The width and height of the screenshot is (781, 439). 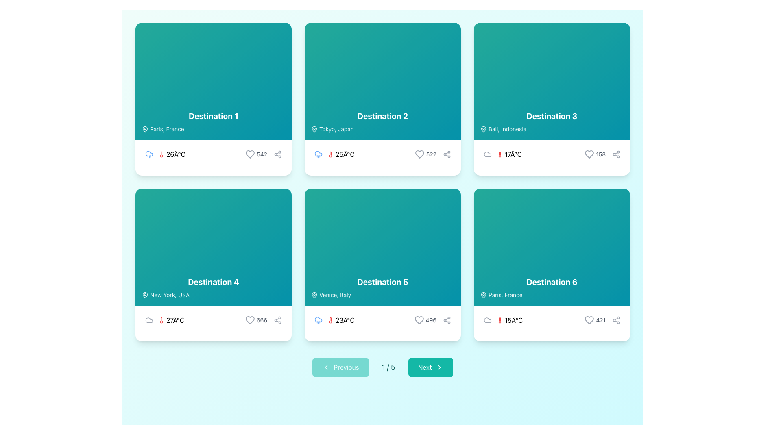 What do you see at coordinates (345, 319) in the screenshot?
I see `temperature information displayed in the Text Label showing '23Â°C', located below the title 'Destination 5' and adjacent to a red thermometer icon` at bounding box center [345, 319].